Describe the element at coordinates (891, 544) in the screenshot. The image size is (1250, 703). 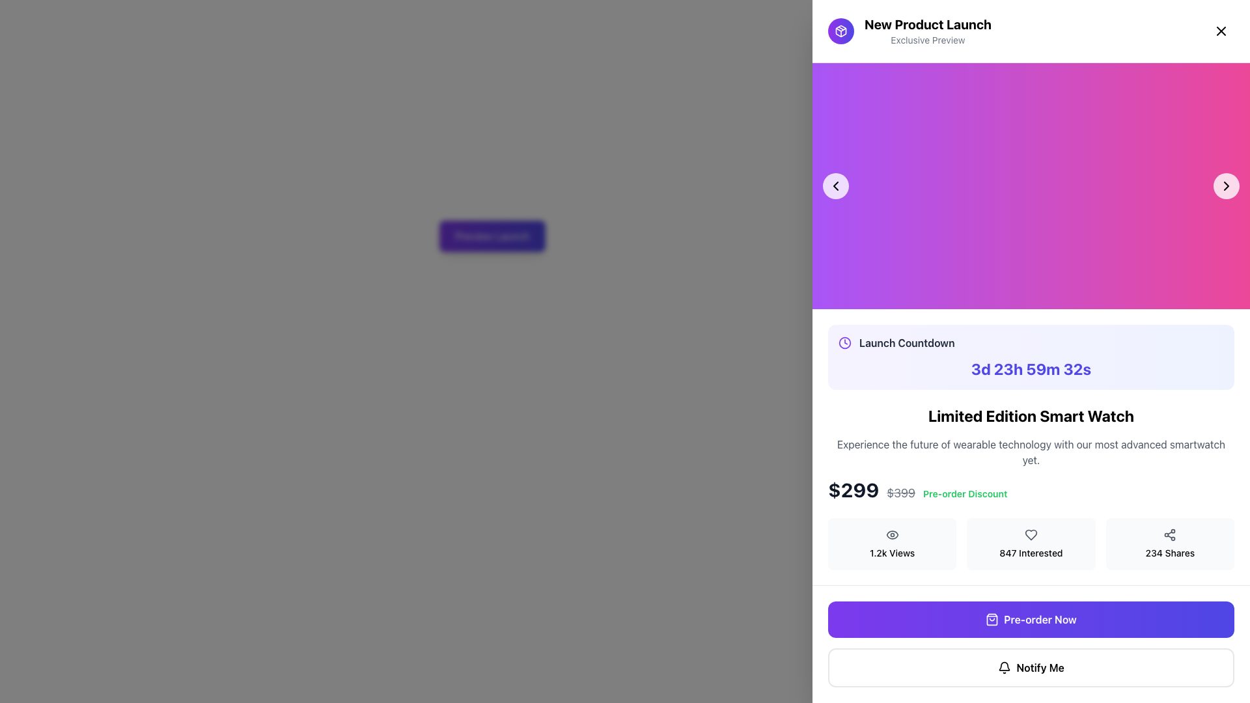
I see `the Informational Display that shows '1.2k Views' with an eye icon, which is the leftmost element among three metrics below the product description` at that location.